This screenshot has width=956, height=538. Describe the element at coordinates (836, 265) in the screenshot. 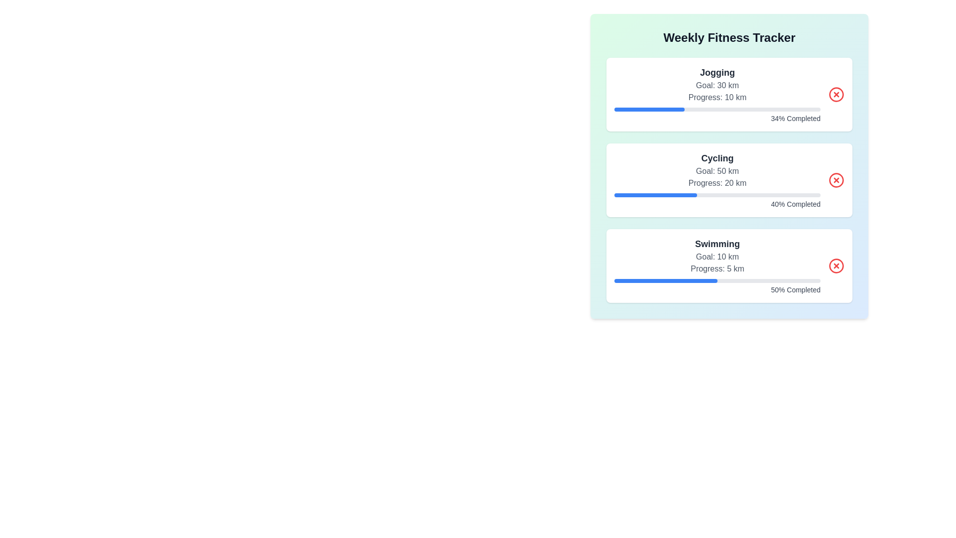

I see `the prominent red circular icon with an 'X' symbol next to the 'Swimming' goal` at that location.